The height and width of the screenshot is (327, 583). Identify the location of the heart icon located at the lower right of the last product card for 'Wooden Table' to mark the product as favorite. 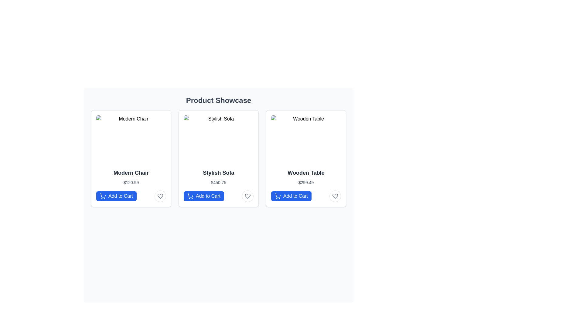
(335, 196).